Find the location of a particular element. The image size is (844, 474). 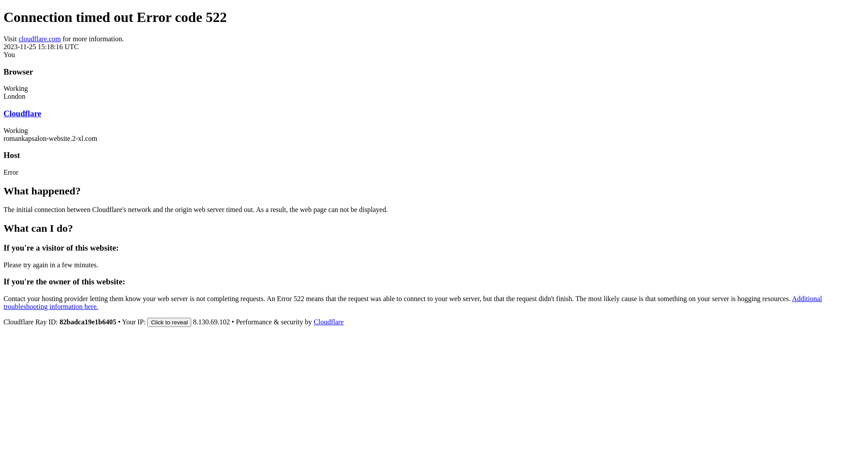

'cloudflare.com' is located at coordinates (39, 38).